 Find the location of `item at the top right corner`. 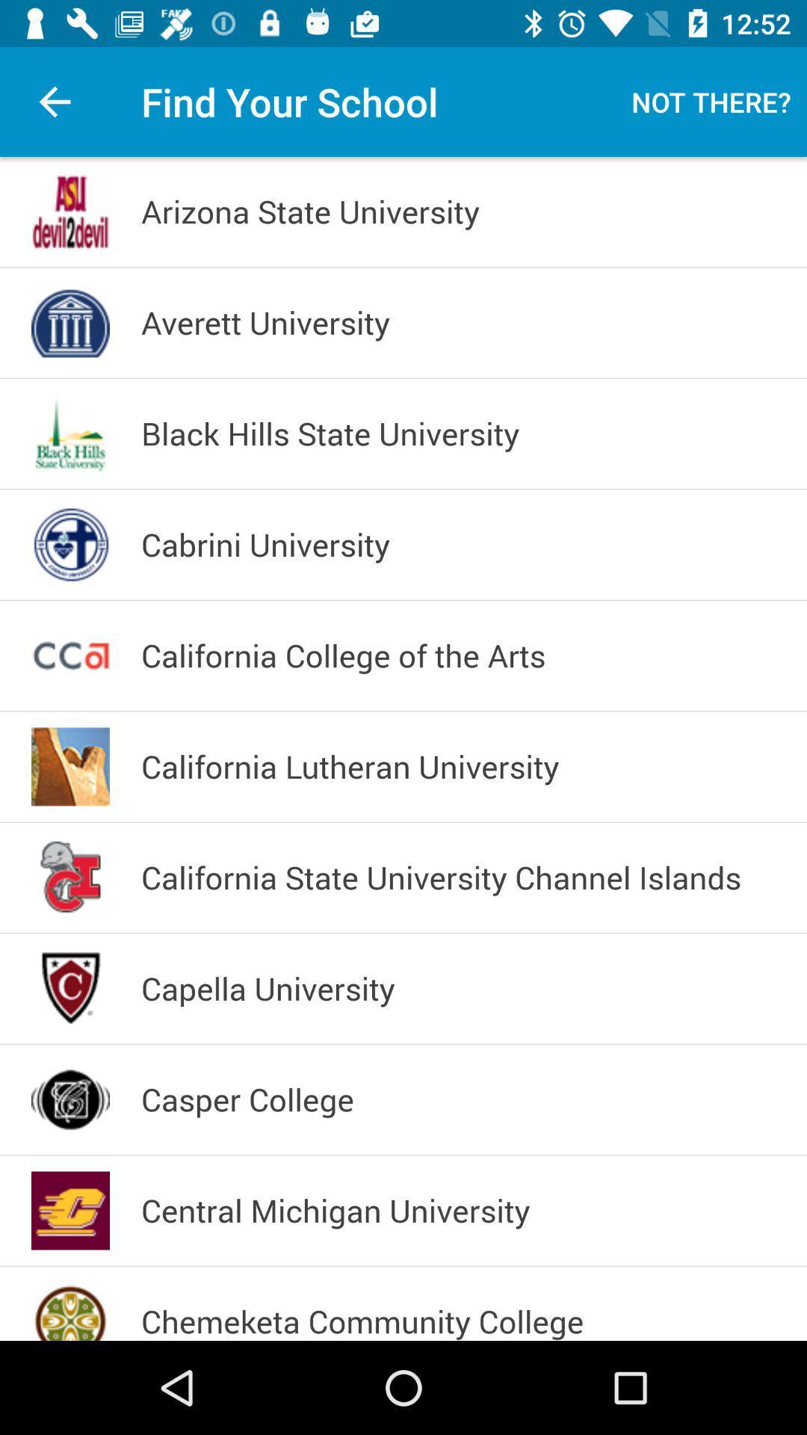

item at the top right corner is located at coordinates (711, 101).